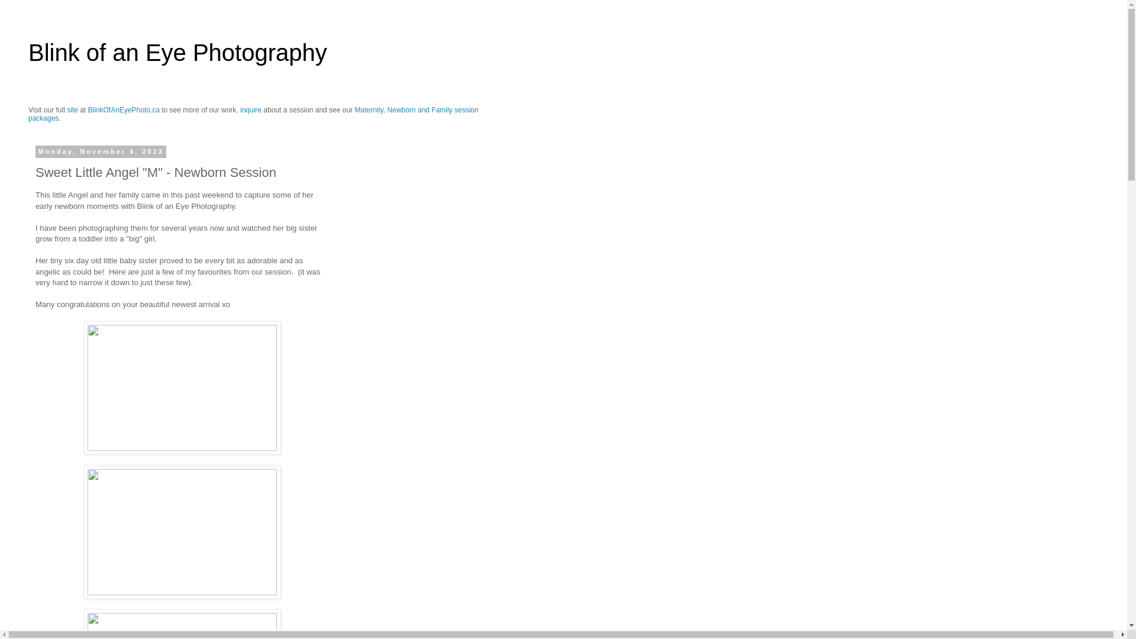 The height and width of the screenshot is (639, 1136). What do you see at coordinates (250, 109) in the screenshot?
I see `'inquire'` at bounding box center [250, 109].